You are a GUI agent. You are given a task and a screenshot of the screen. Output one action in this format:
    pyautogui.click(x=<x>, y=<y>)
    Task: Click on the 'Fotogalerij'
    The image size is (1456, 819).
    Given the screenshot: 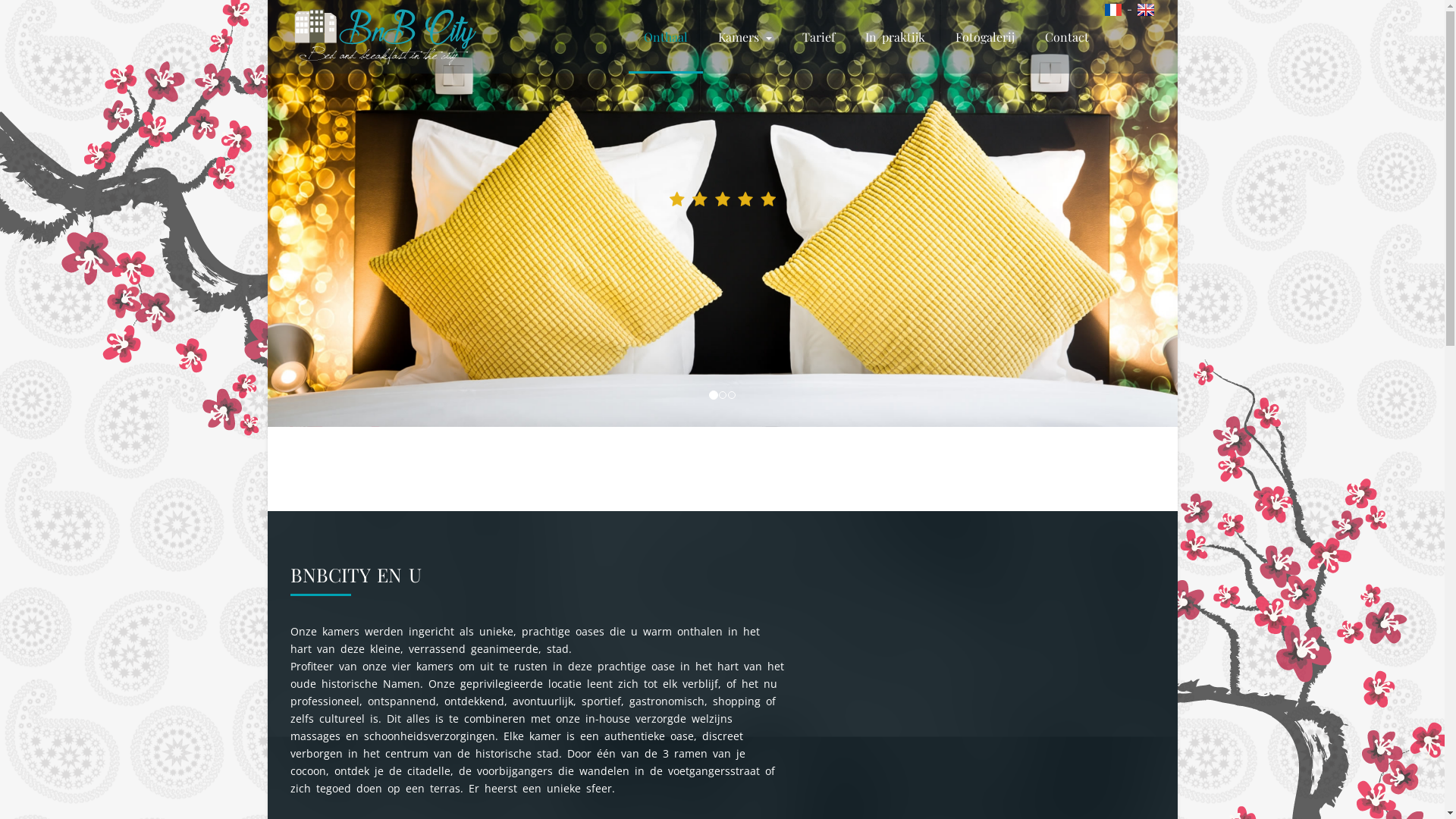 What is the action you would take?
    pyautogui.click(x=985, y=36)
    